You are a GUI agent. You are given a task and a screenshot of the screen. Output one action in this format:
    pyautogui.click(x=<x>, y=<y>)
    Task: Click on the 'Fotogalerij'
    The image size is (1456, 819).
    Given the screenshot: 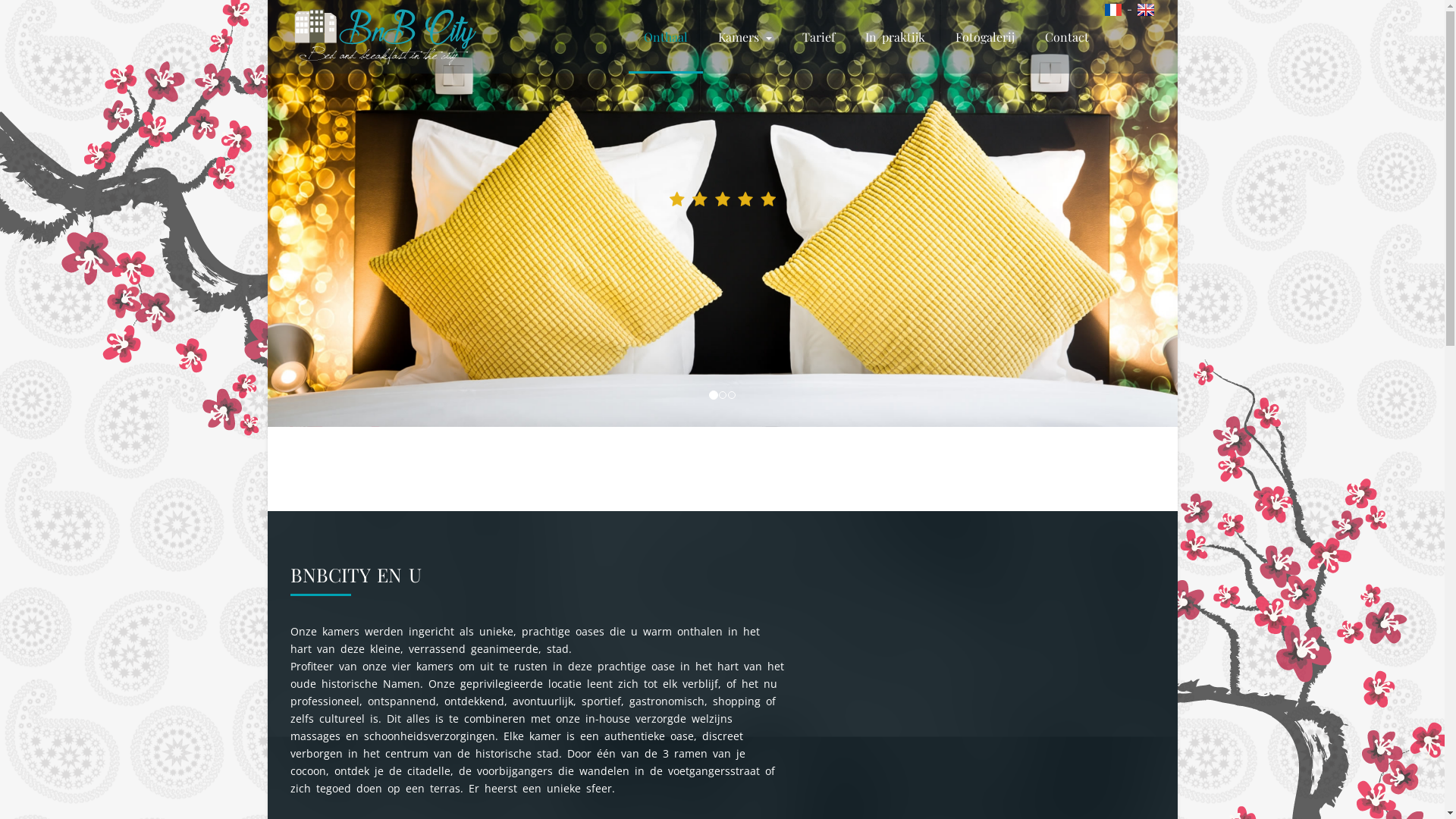 What is the action you would take?
    pyautogui.click(x=985, y=36)
    